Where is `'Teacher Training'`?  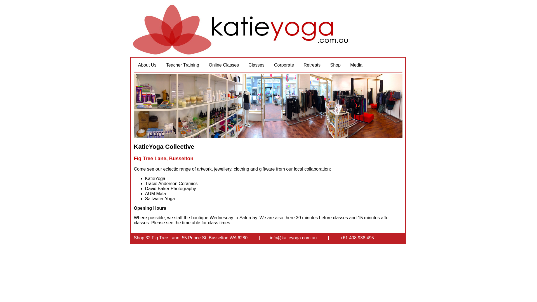 'Teacher Training' is located at coordinates (162, 65).